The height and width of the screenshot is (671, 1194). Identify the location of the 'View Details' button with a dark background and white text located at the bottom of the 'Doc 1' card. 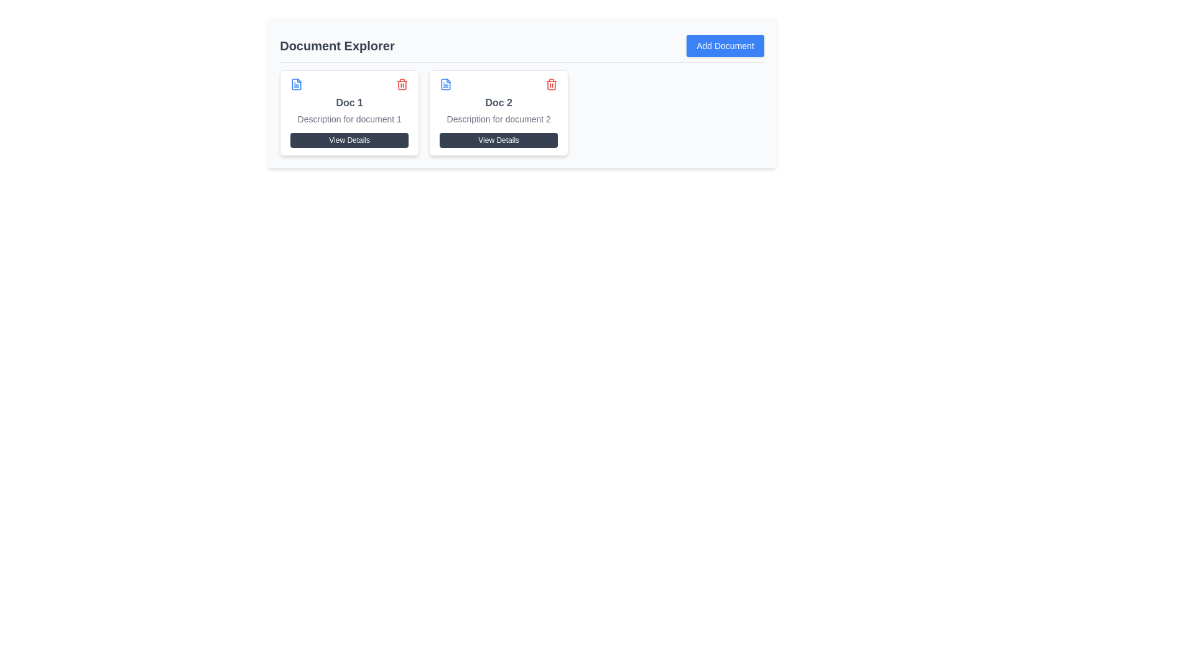
(349, 140).